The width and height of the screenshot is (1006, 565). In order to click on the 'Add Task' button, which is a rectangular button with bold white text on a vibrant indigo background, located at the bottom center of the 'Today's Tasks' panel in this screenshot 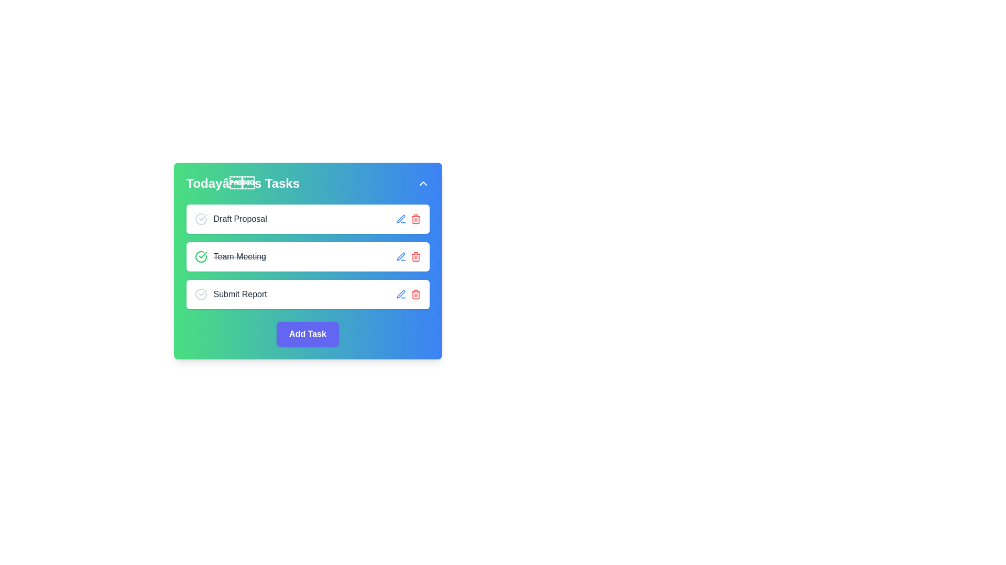, I will do `click(307, 334)`.